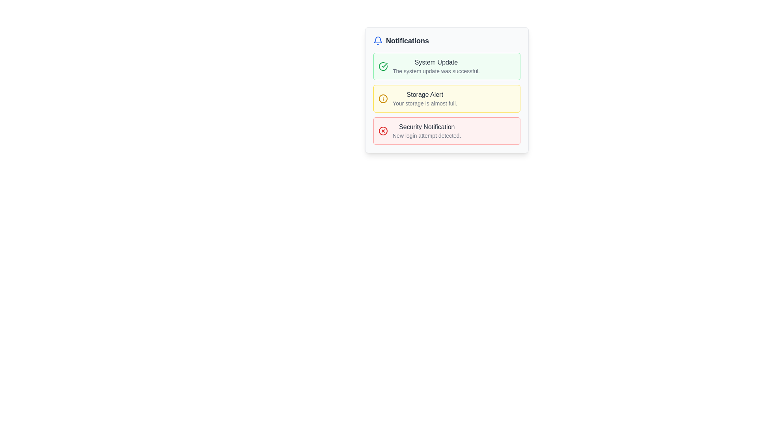 This screenshot has width=757, height=425. What do you see at coordinates (426, 127) in the screenshot?
I see `the static text element labeled 'Security Notification', which is styled in medium-weight dark gray font and positioned in the lower portion of the notification panel, specifically as the title of the third notification card` at bounding box center [426, 127].